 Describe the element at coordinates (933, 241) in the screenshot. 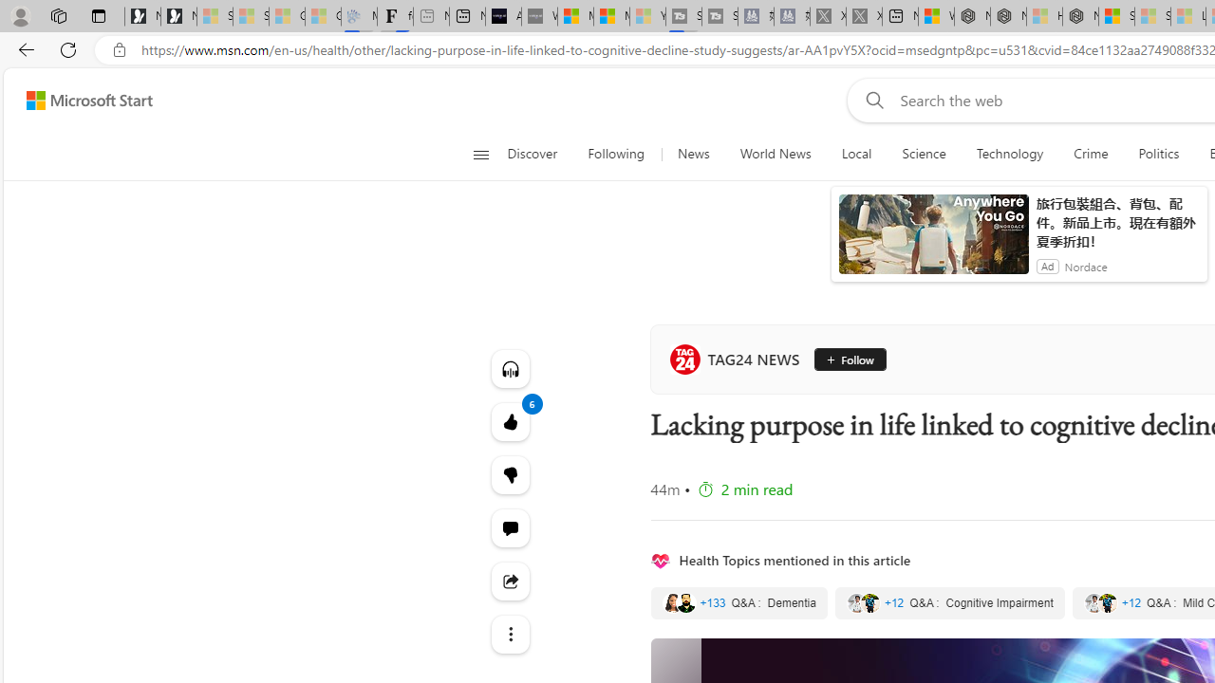

I see `'anim-content'` at that location.